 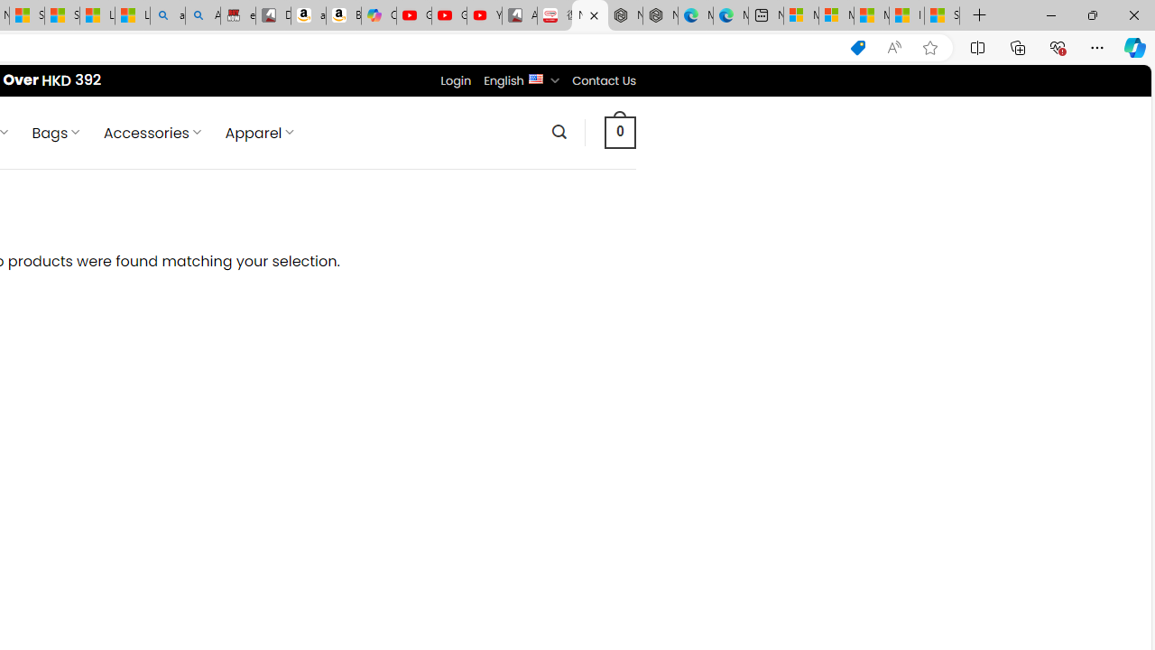 What do you see at coordinates (308, 15) in the screenshot?
I see `'amazon.in/dp/B0CX59H5W7/?tag=gsmcom05-21'` at bounding box center [308, 15].